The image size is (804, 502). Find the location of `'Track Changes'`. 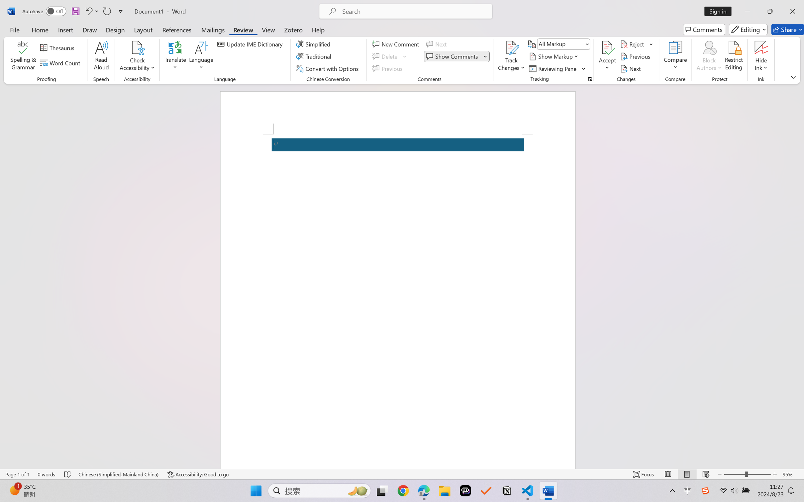

'Track Changes' is located at coordinates (511, 56).